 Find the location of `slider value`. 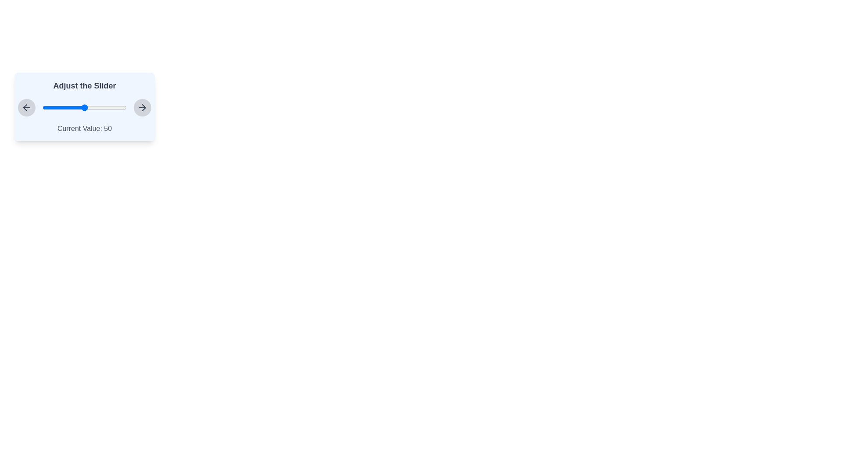

slider value is located at coordinates (82, 107).